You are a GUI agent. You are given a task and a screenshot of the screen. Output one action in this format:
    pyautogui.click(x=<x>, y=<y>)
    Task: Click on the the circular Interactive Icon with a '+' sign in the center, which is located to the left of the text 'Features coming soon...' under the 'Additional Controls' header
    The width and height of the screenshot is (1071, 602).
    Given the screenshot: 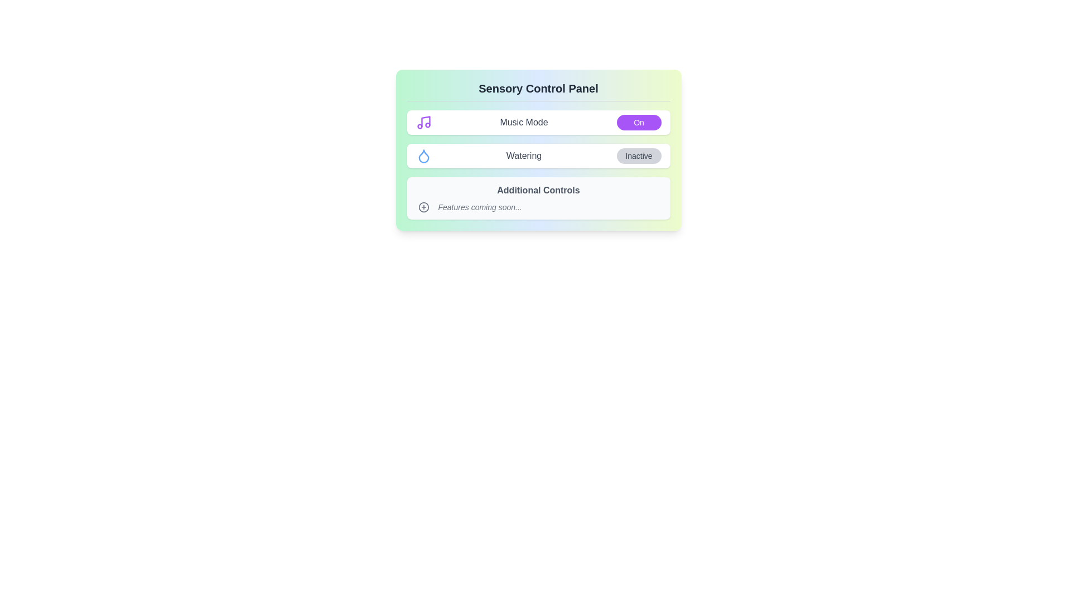 What is the action you would take?
    pyautogui.click(x=423, y=207)
    